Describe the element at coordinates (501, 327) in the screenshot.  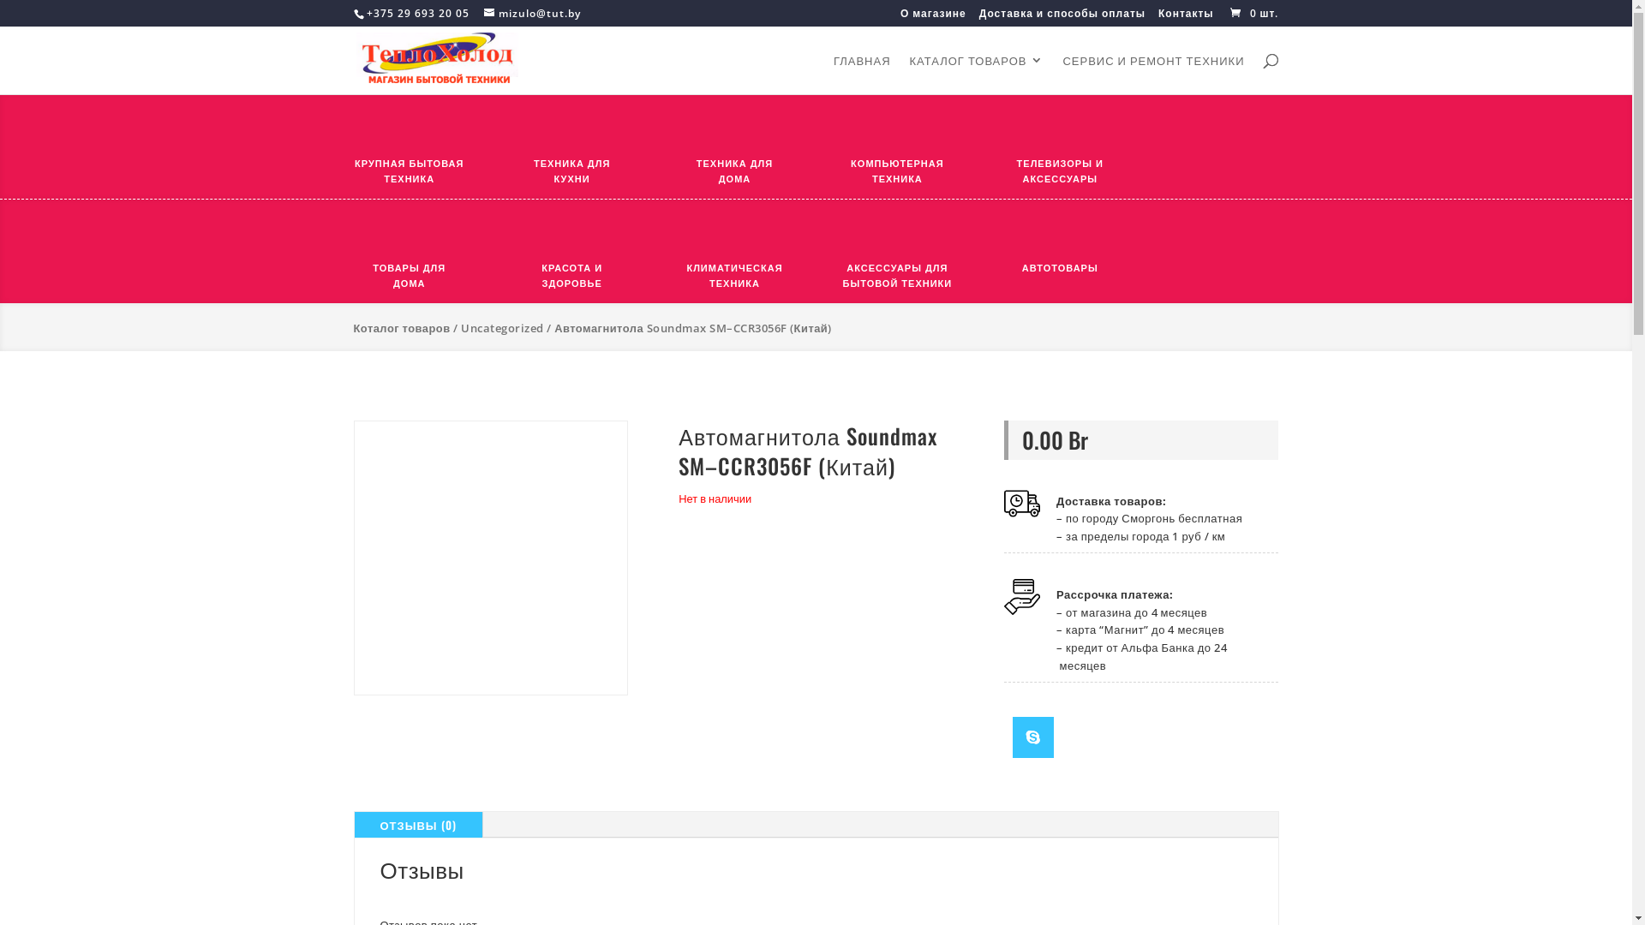
I see `'Uncategorized'` at that location.